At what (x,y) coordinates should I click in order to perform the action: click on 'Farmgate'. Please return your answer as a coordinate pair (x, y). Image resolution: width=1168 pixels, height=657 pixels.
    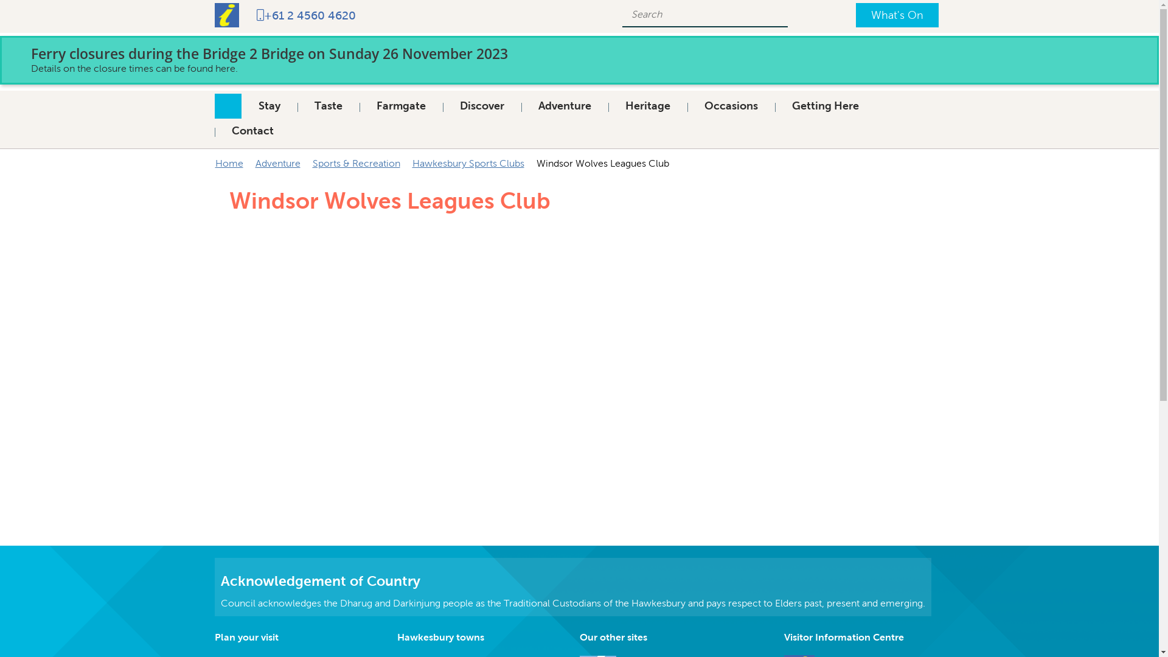
    Looking at the image, I should click on (400, 105).